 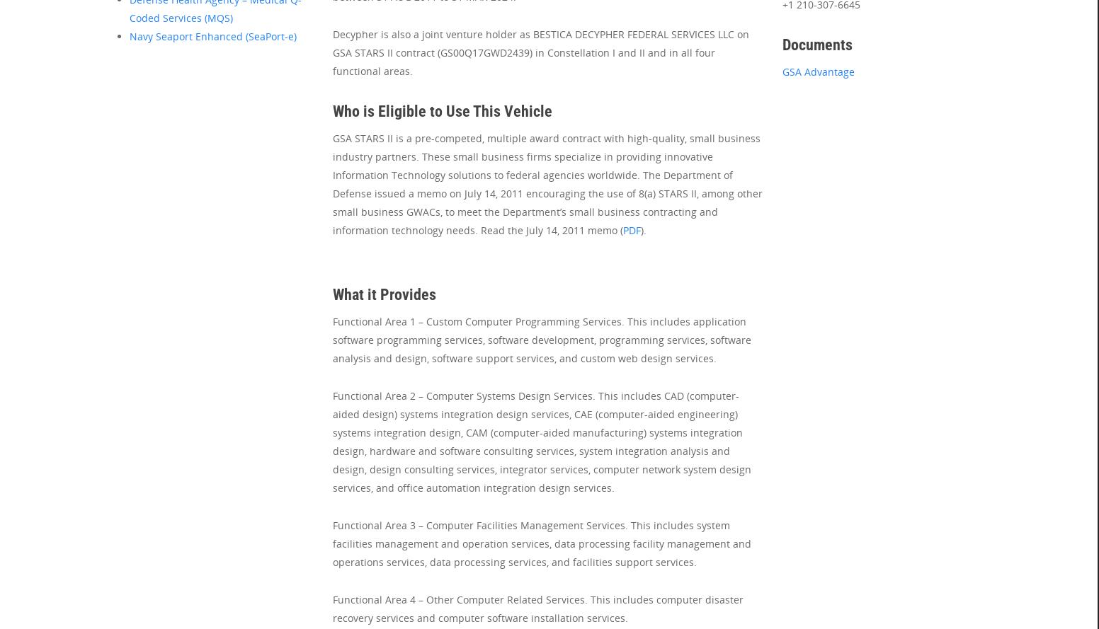 What do you see at coordinates (782, 71) in the screenshot?
I see `'GSA Advantage'` at bounding box center [782, 71].